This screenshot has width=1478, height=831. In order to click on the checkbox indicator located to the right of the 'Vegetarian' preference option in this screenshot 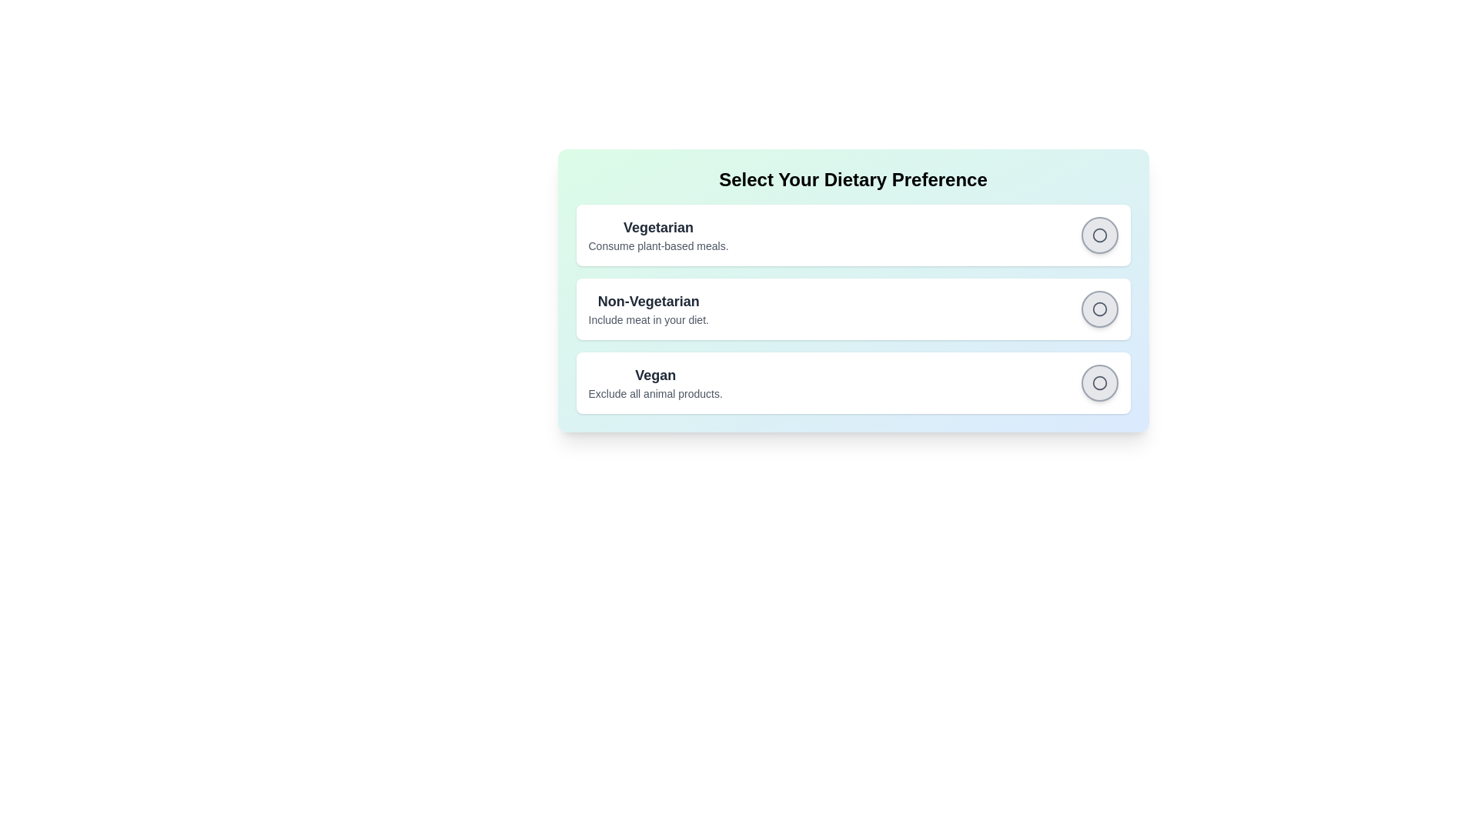, I will do `click(1098, 235)`.